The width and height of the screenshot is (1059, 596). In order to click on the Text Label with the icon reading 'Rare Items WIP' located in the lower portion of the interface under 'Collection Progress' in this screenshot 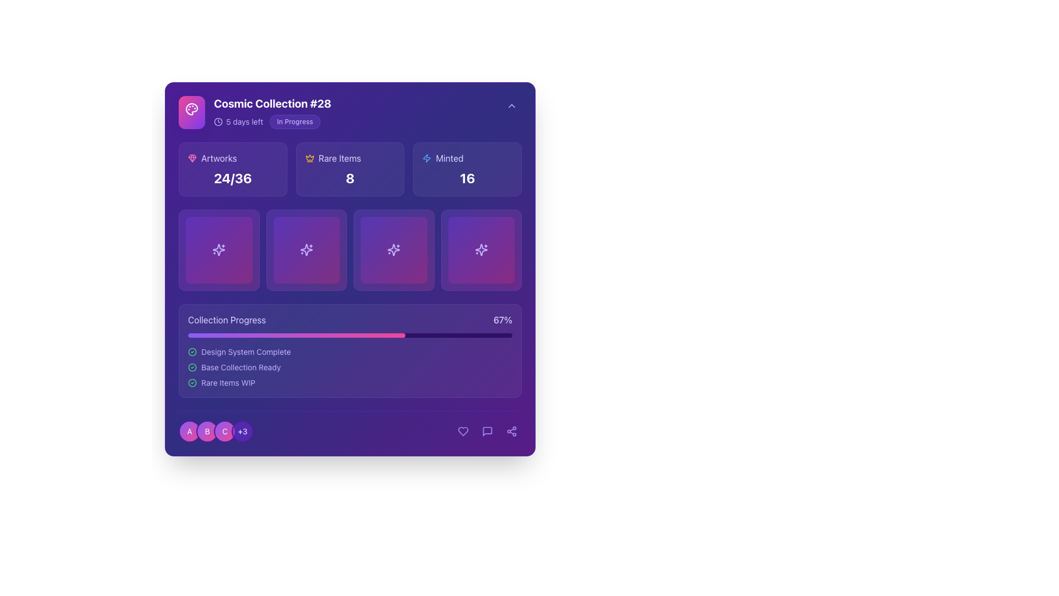, I will do `click(349, 382)`.